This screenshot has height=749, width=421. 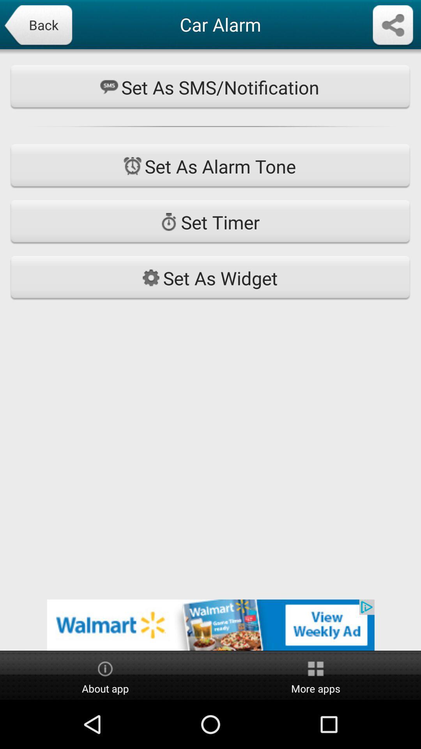 I want to click on share the page, so click(x=393, y=26).